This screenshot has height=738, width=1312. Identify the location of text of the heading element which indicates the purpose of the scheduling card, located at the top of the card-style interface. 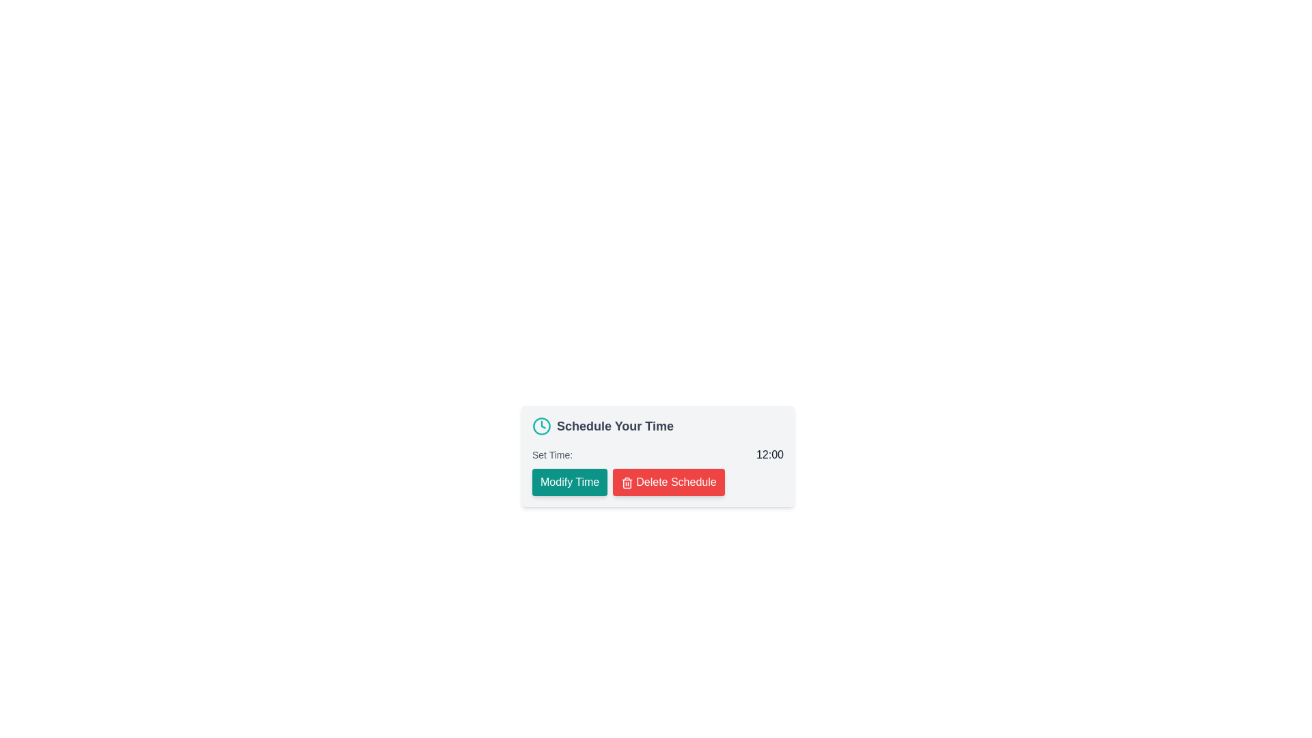
(658, 426).